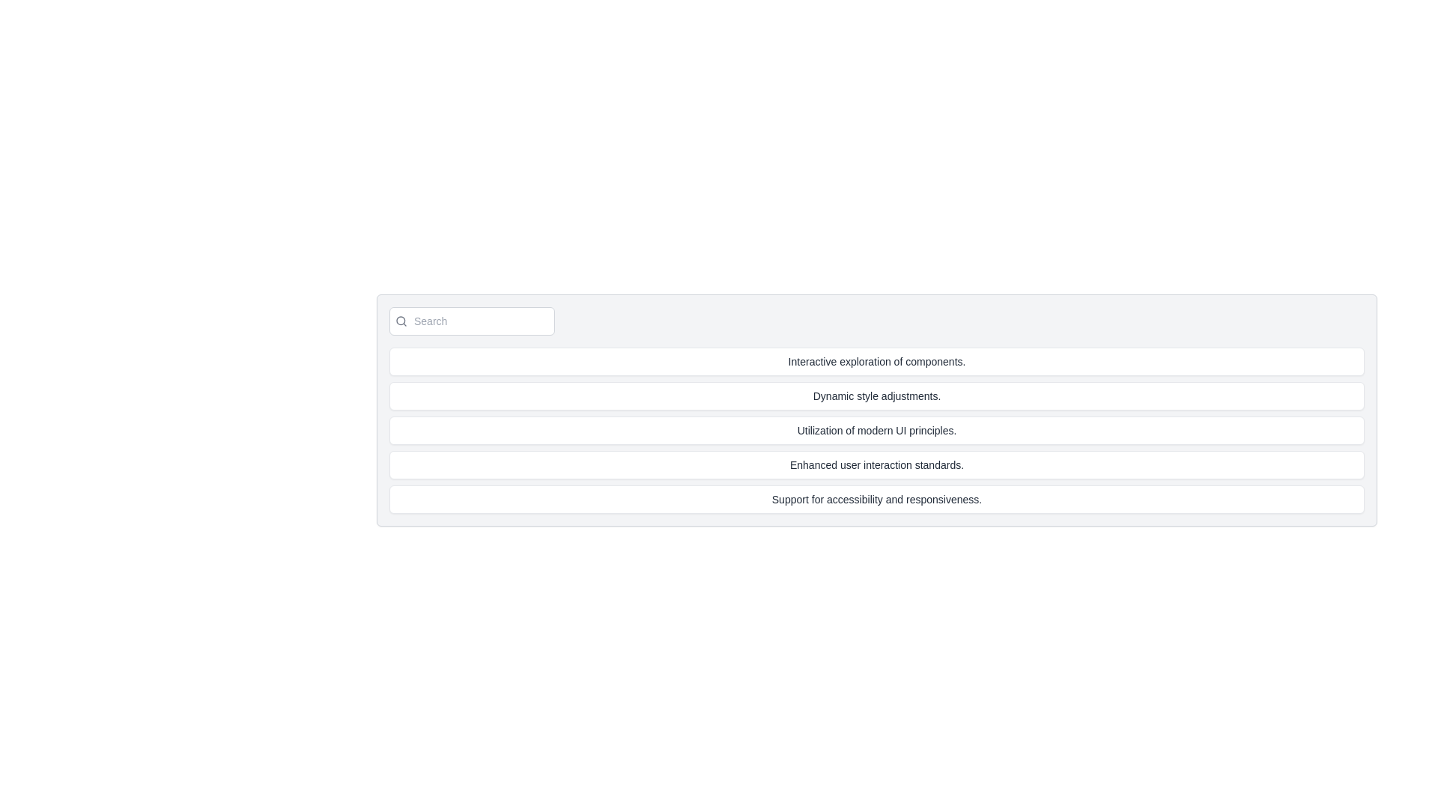 The width and height of the screenshot is (1438, 809). I want to click on the character 'o' in the word 'Utilization' within the sentence 'Utilization of modern UI principles', located on the third row of the application interface, so click(833, 430).